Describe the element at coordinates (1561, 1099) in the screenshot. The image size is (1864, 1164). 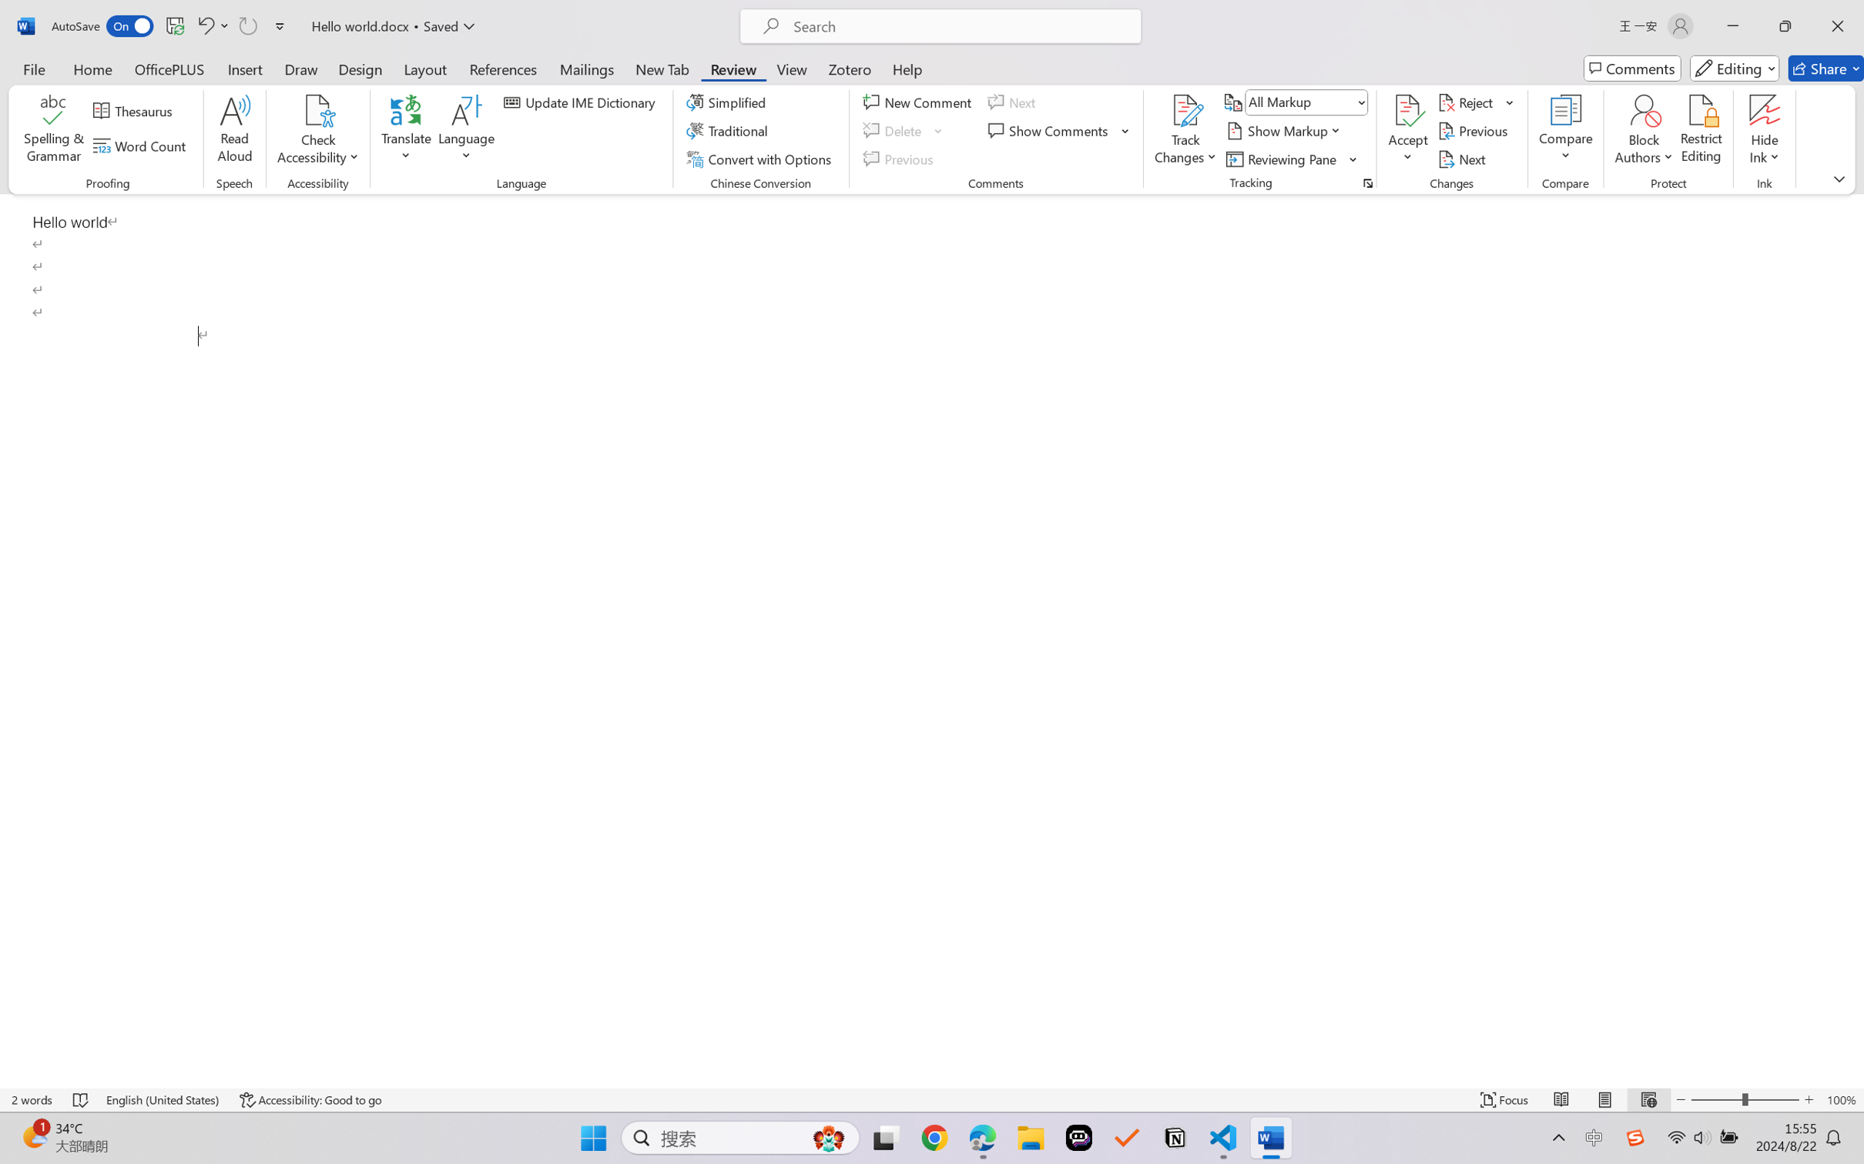
I see `'Read Mode'` at that location.